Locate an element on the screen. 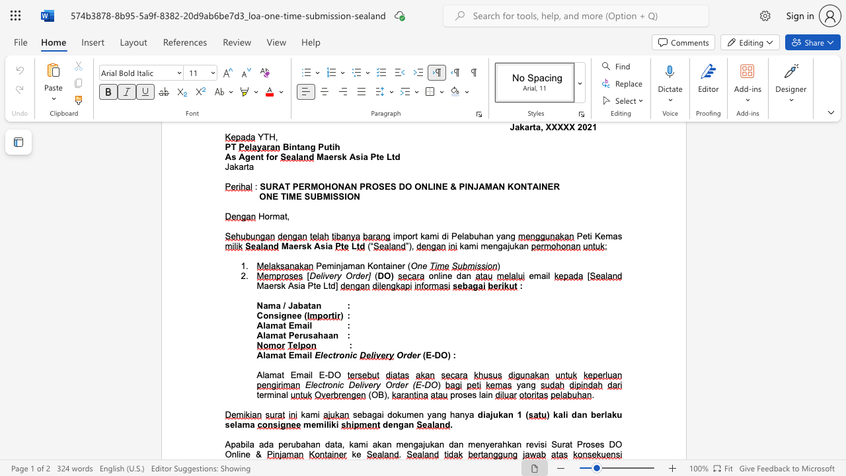  the subset text "O Onlin" within the text "Proses DO Online &" is located at coordinates (615, 444).